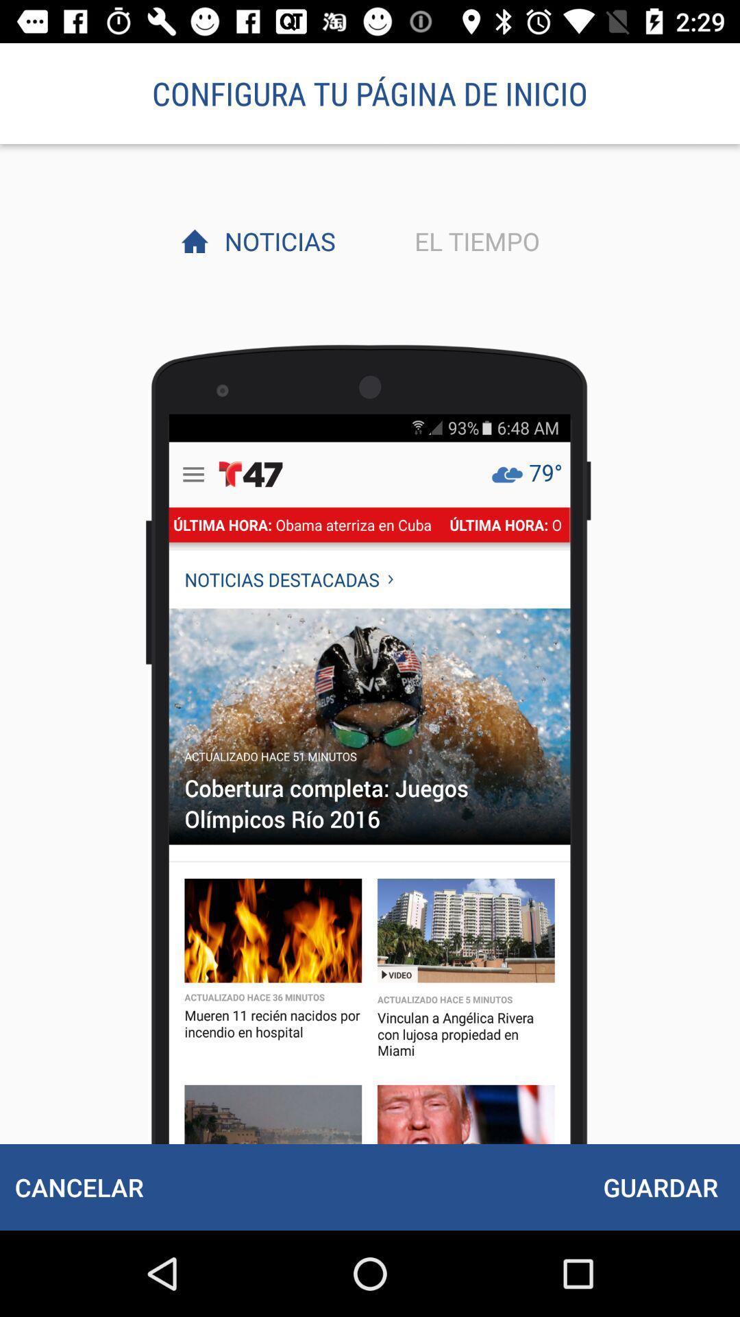 Image resolution: width=740 pixels, height=1317 pixels. I want to click on cancelar icon, so click(79, 1187).